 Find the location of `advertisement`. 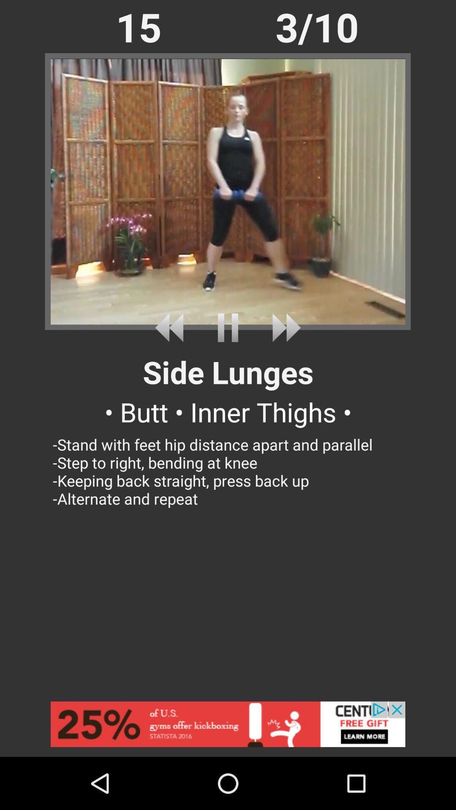

advertisement is located at coordinates (228, 729).